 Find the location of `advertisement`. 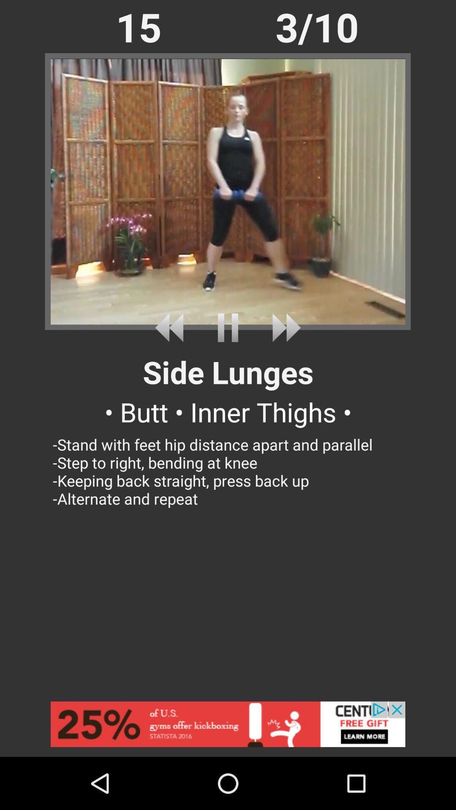

advertisement is located at coordinates (228, 729).